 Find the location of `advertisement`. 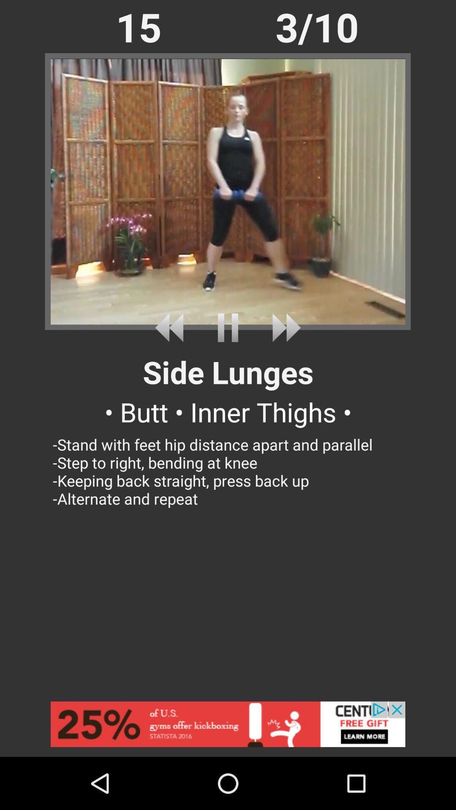

advertisement is located at coordinates (228, 729).